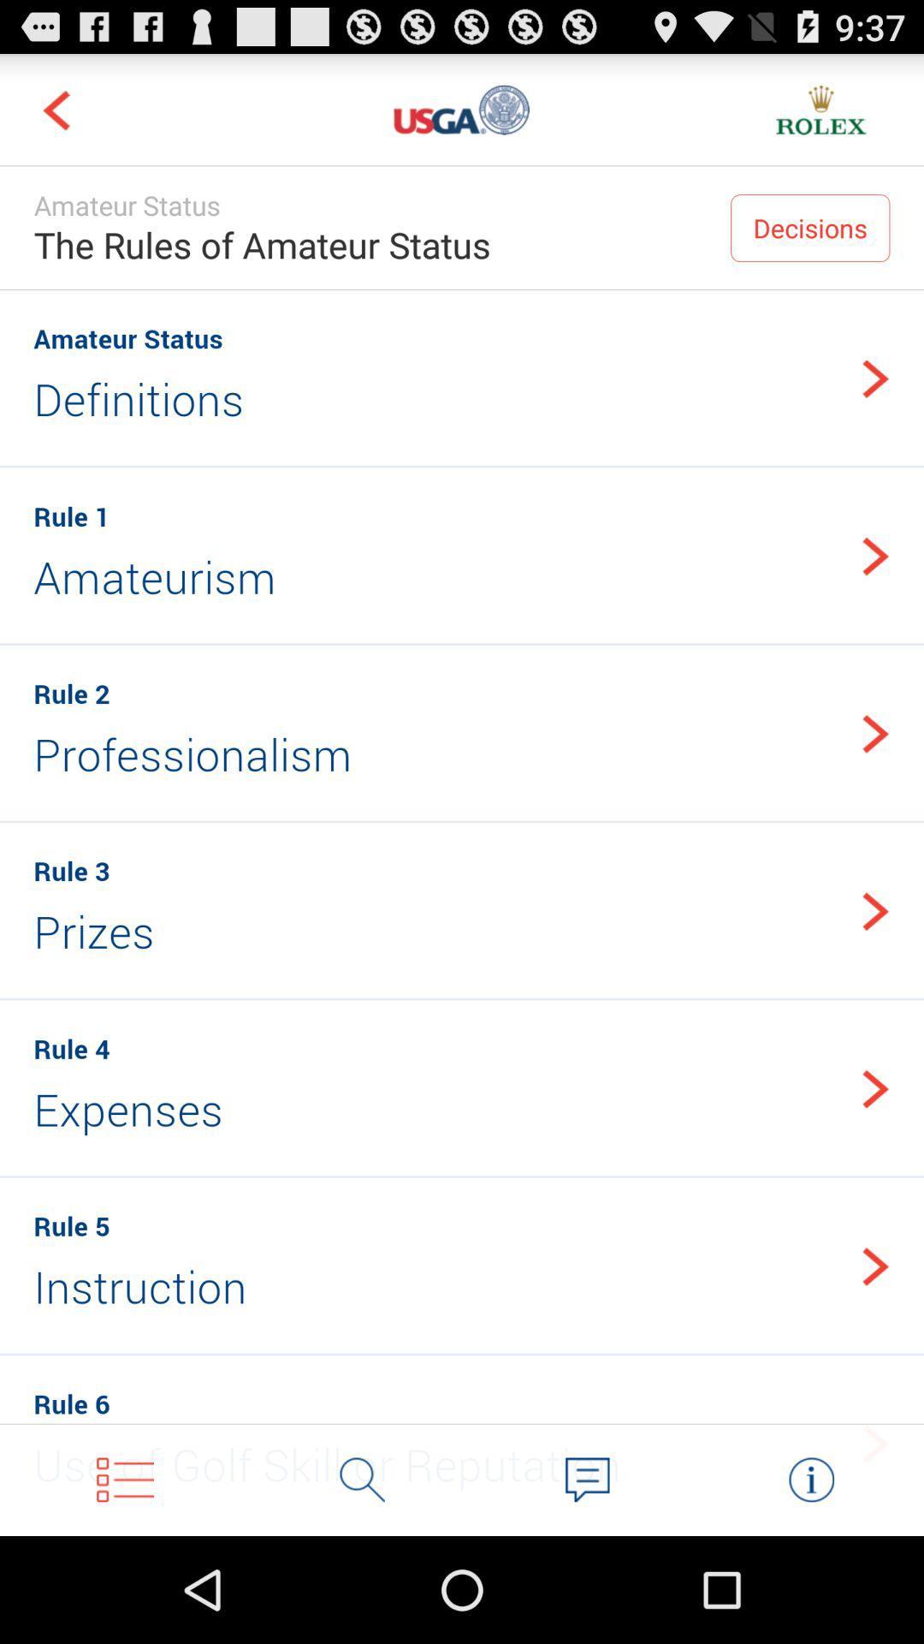 Image resolution: width=924 pixels, height=1644 pixels. I want to click on the arrow_backward icon, so click(55, 116).